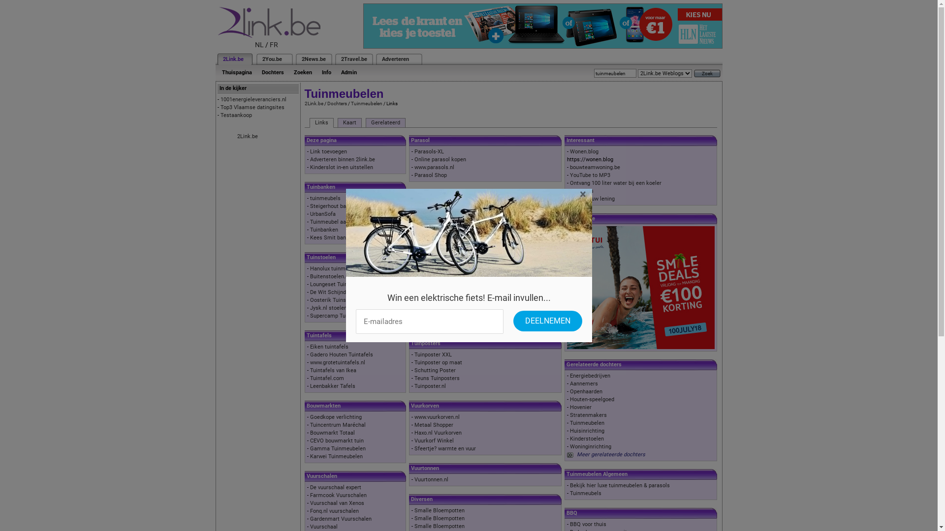 The image size is (945, 531). What do you see at coordinates (429, 151) in the screenshot?
I see `'Parasols-XL'` at bounding box center [429, 151].